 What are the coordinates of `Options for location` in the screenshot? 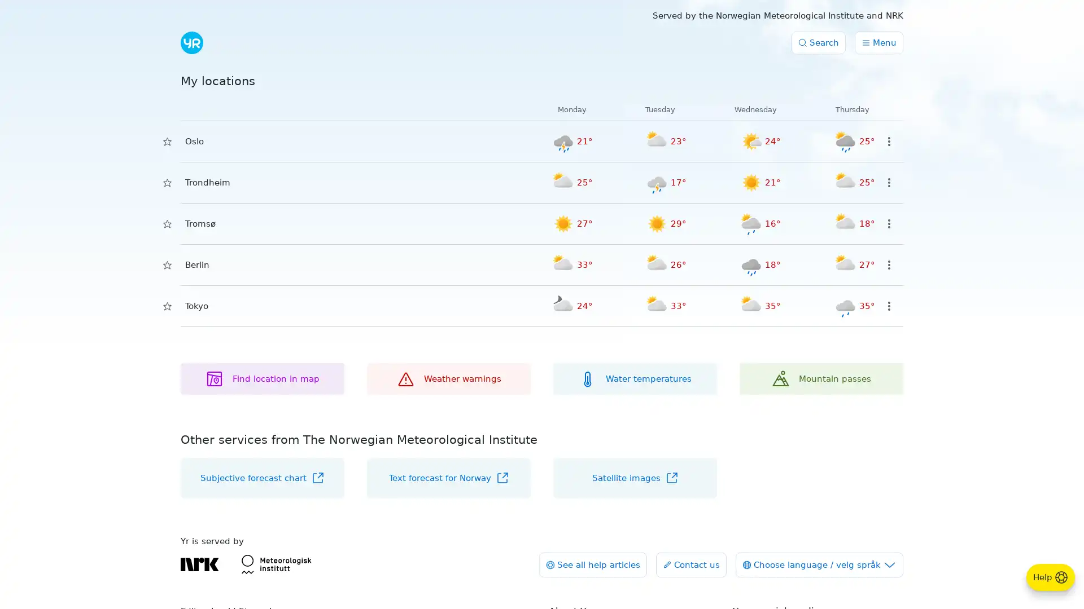 It's located at (888, 306).